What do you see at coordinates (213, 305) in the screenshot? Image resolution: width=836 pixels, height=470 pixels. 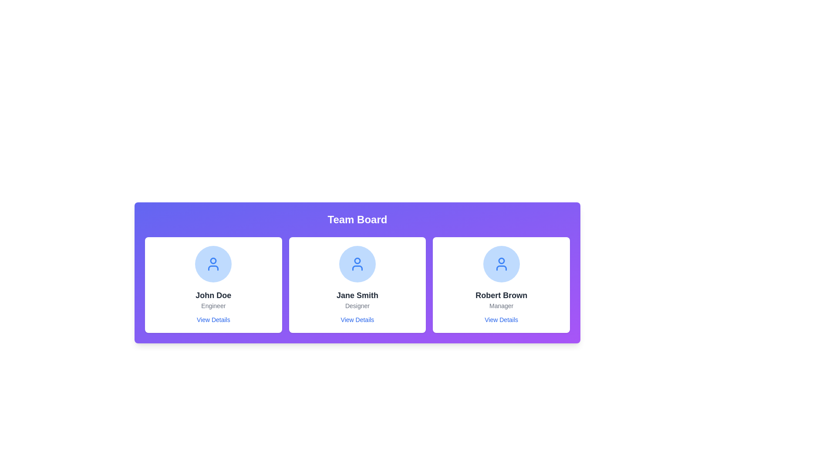 I see `the static text label displaying 'Engineer' which is located below 'John Doe' within a profile card` at bounding box center [213, 305].